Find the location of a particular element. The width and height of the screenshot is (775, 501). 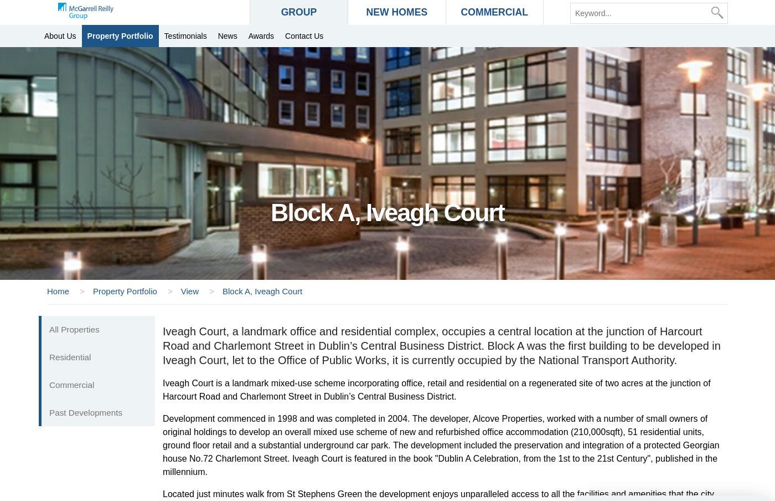

'GROUP' is located at coordinates (298, 11).